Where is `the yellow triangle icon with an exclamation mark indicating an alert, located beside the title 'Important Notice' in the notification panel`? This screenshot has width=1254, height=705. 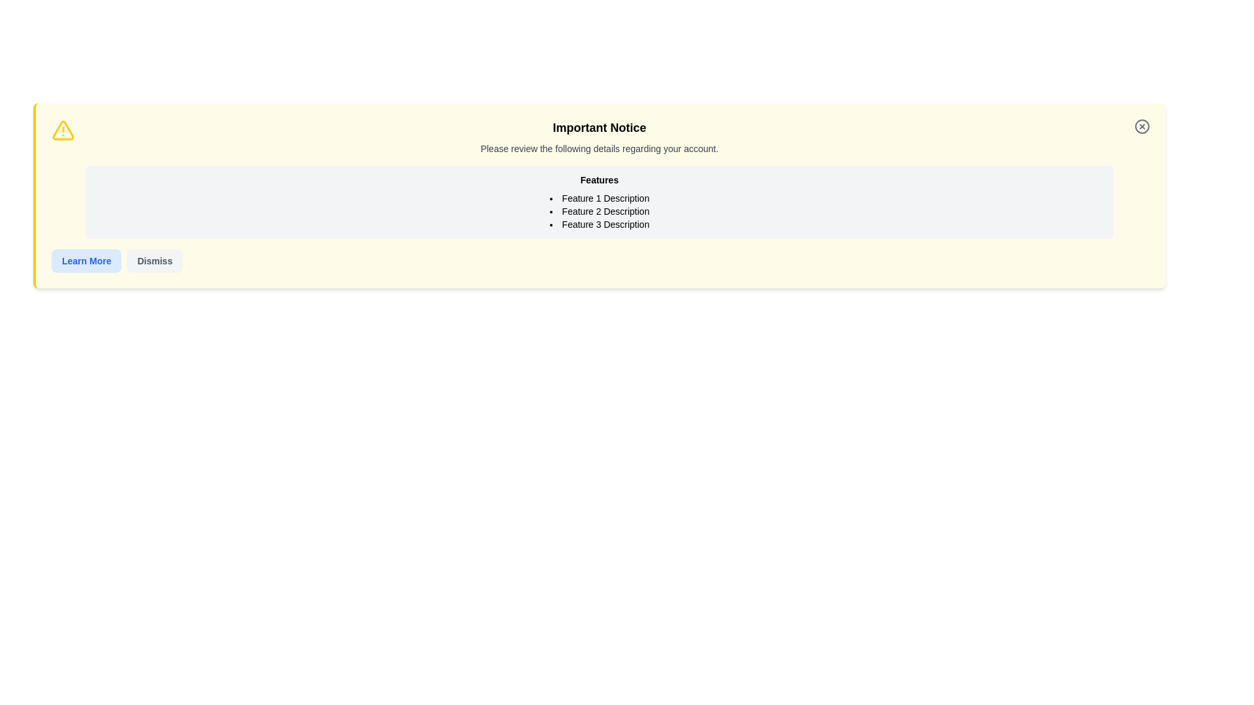
the yellow triangle icon with an exclamation mark indicating an alert, located beside the title 'Important Notice' in the notification panel is located at coordinates (62, 131).